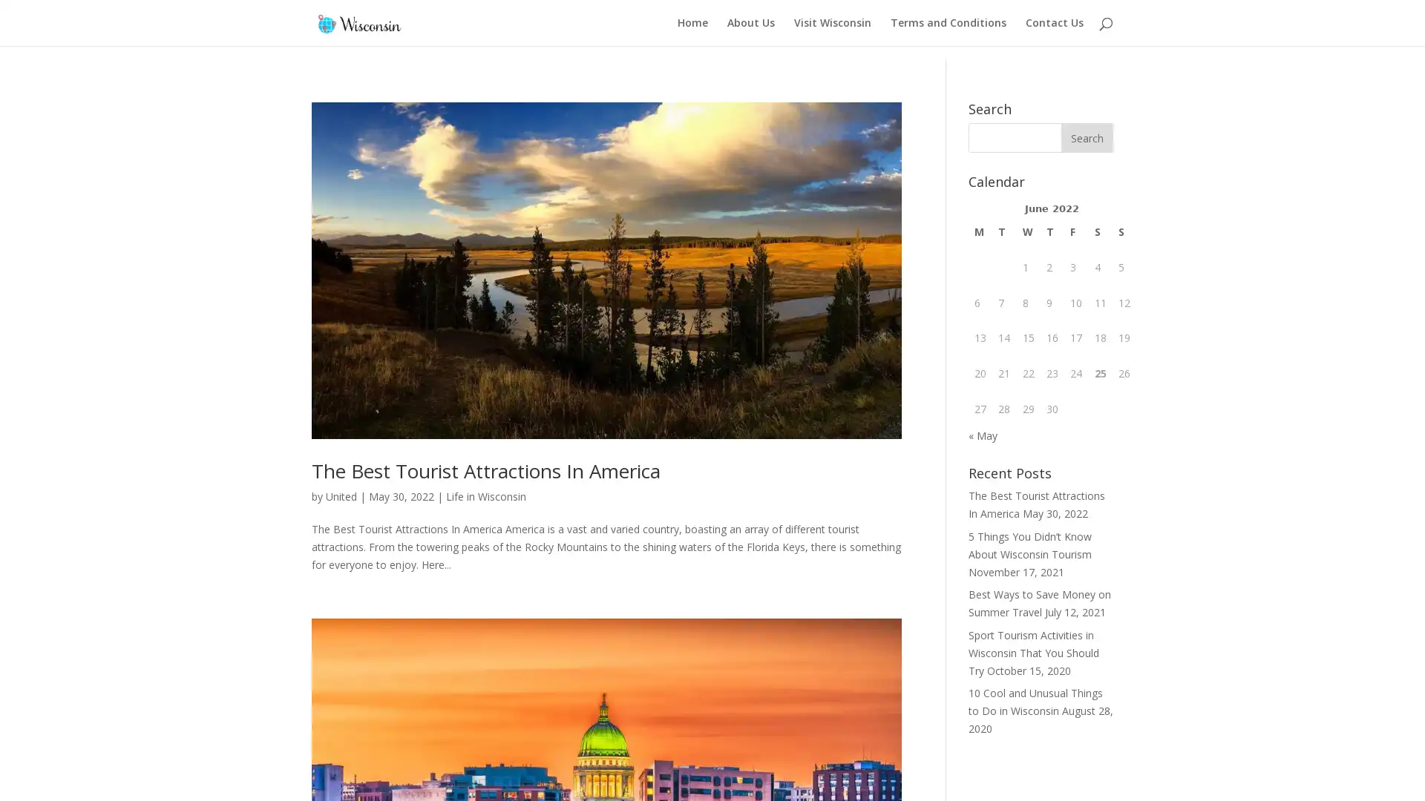 The height and width of the screenshot is (801, 1425). What do you see at coordinates (1087, 124) in the screenshot?
I see `Search` at bounding box center [1087, 124].